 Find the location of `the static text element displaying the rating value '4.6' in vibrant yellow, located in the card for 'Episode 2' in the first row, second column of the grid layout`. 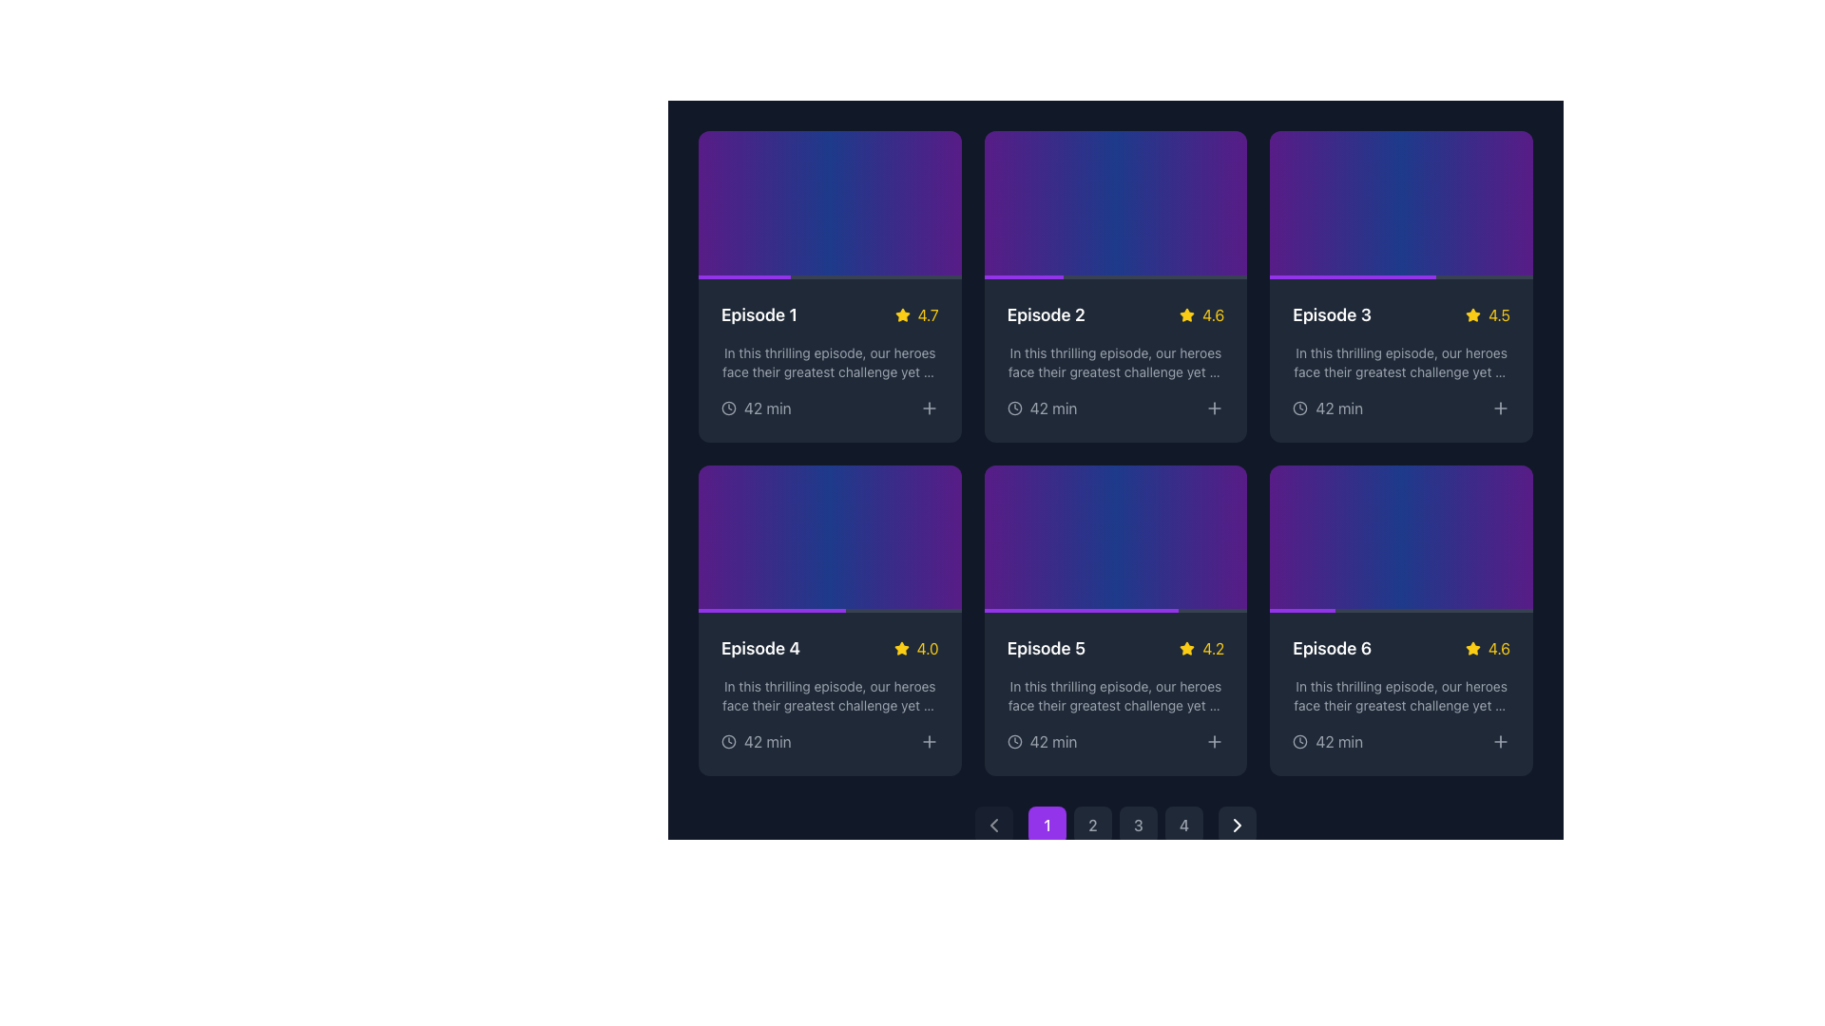

the static text element displaying the rating value '4.6' in vibrant yellow, located in the card for 'Episode 2' in the first row, second column of the grid layout is located at coordinates (1212, 313).